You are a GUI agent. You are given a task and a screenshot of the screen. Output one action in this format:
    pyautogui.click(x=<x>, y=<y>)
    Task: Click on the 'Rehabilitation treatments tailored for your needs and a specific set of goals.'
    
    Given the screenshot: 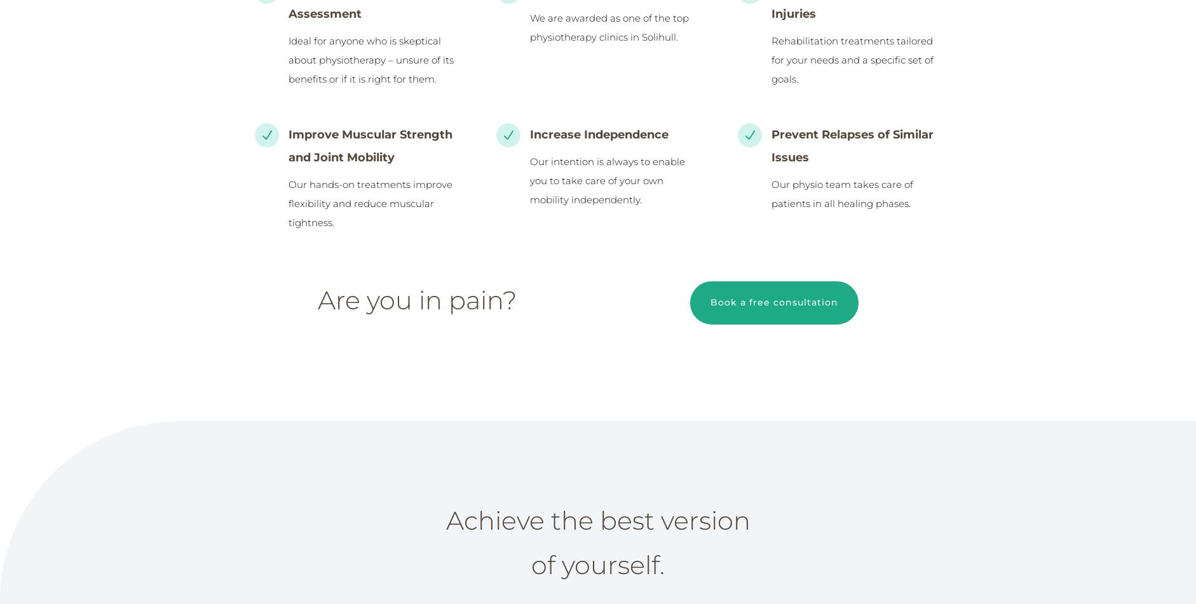 What is the action you would take?
    pyautogui.click(x=770, y=60)
    